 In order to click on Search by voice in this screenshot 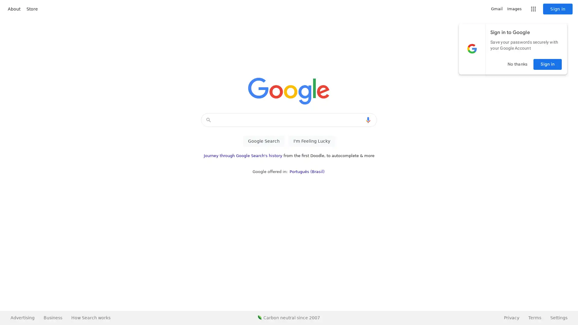, I will do `click(368, 120)`.